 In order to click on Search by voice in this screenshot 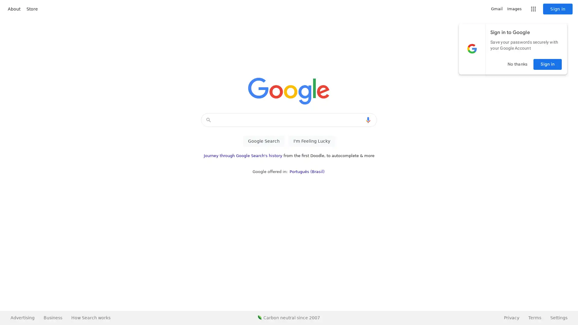, I will do `click(368, 120)`.